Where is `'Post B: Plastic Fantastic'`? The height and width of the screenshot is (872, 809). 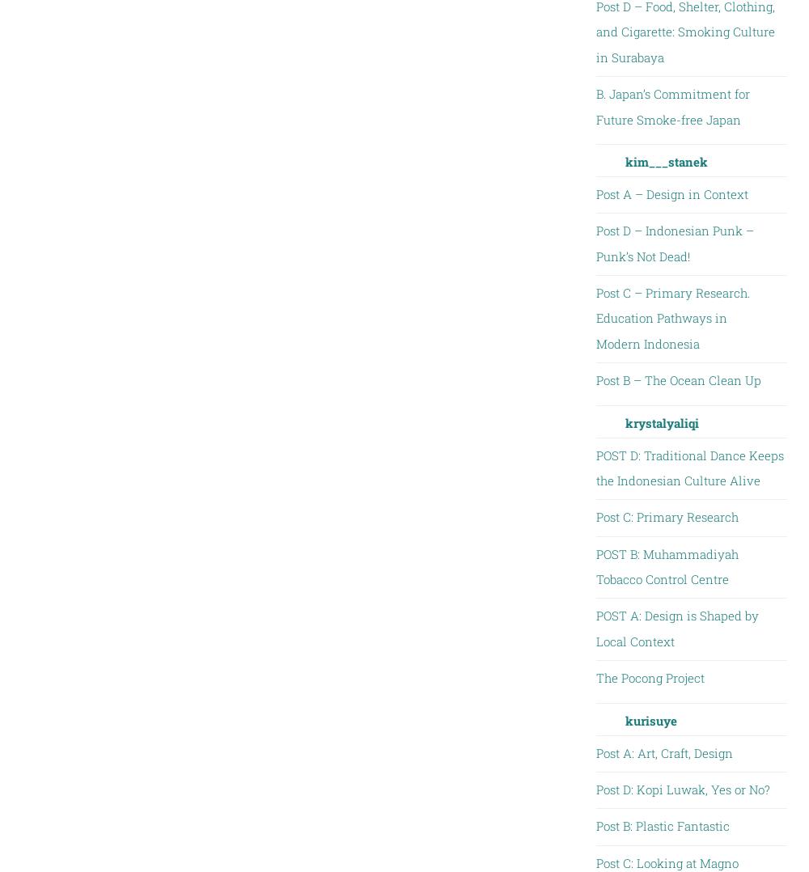 'Post B: Plastic Fantastic' is located at coordinates (661, 824).